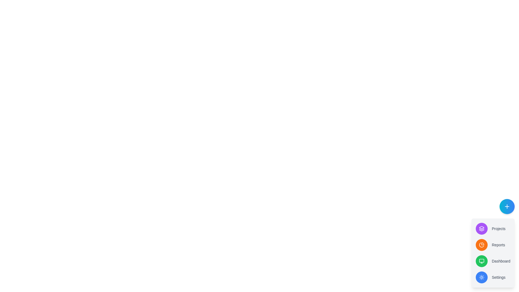  What do you see at coordinates (493, 261) in the screenshot?
I see `the 'Dashboard' navigation item` at bounding box center [493, 261].